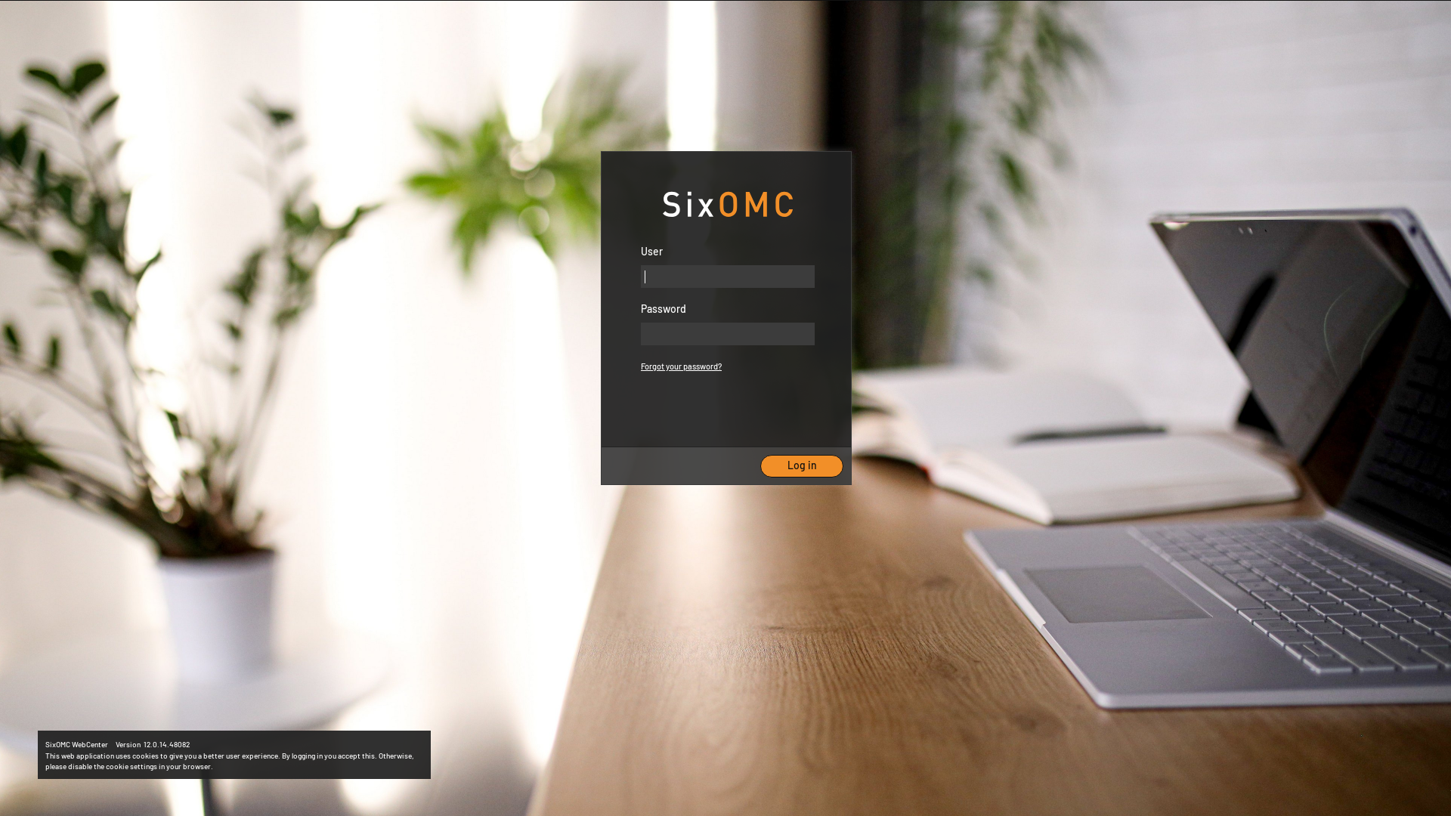 This screenshot has height=816, width=1451. What do you see at coordinates (800, 465) in the screenshot?
I see `'Log in'` at bounding box center [800, 465].